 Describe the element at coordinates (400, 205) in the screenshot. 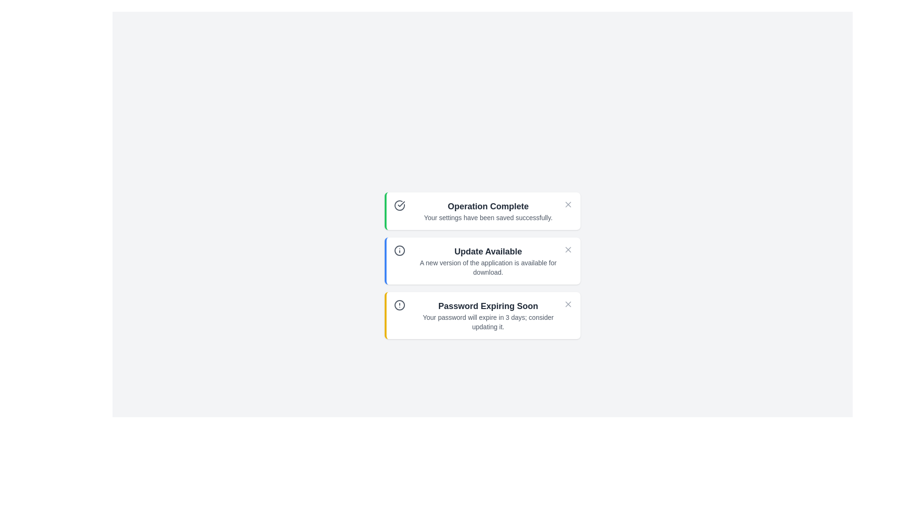

I see `the checkmark within a circle icon that indicates success or completion, located adjacent to the 'Operation Complete' message at the top of the notification stack` at that location.